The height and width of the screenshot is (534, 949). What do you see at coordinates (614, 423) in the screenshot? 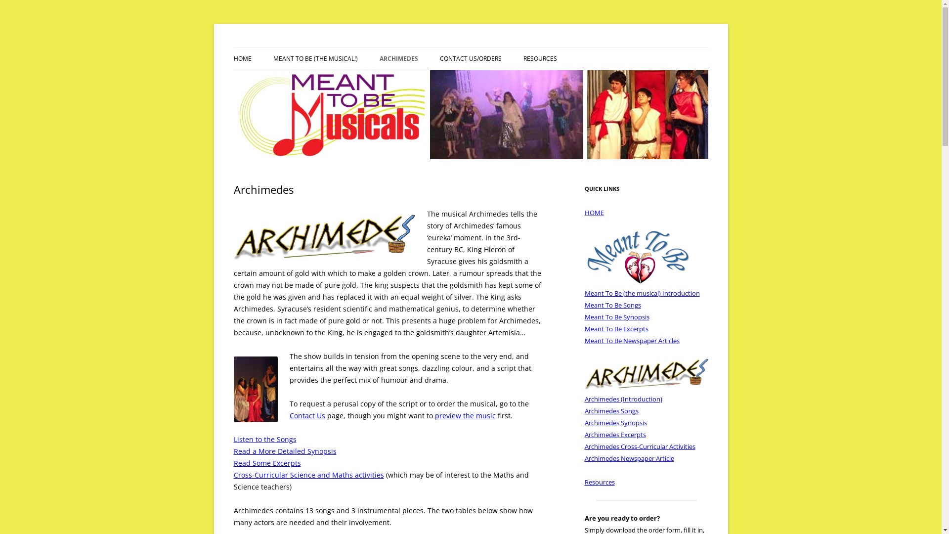
I see `'Archimedes Synopsis'` at bounding box center [614, 423].